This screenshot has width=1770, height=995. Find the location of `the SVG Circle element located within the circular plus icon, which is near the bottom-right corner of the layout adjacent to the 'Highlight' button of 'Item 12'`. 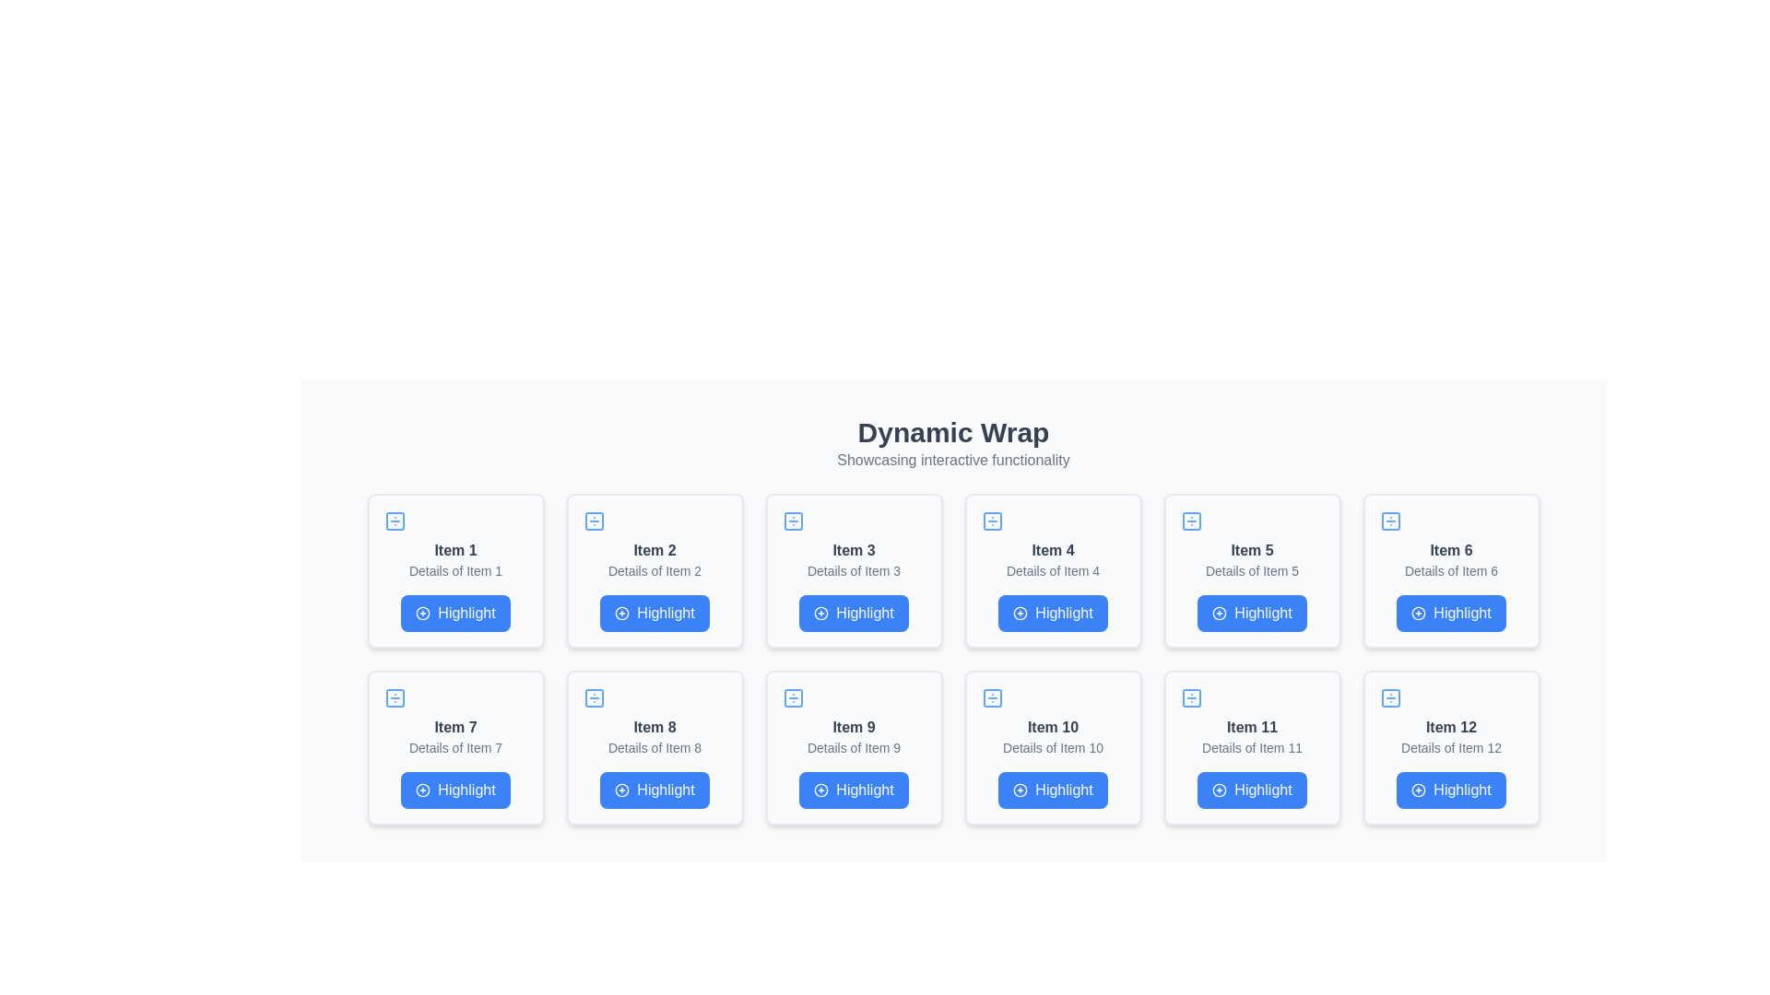

the SVG Circle element located within the circular plus icon, which is near the bottom-right corner of the layout adjacent to the 'Highlight' button of 'Item 12' is located at coordinates (1418, 789).